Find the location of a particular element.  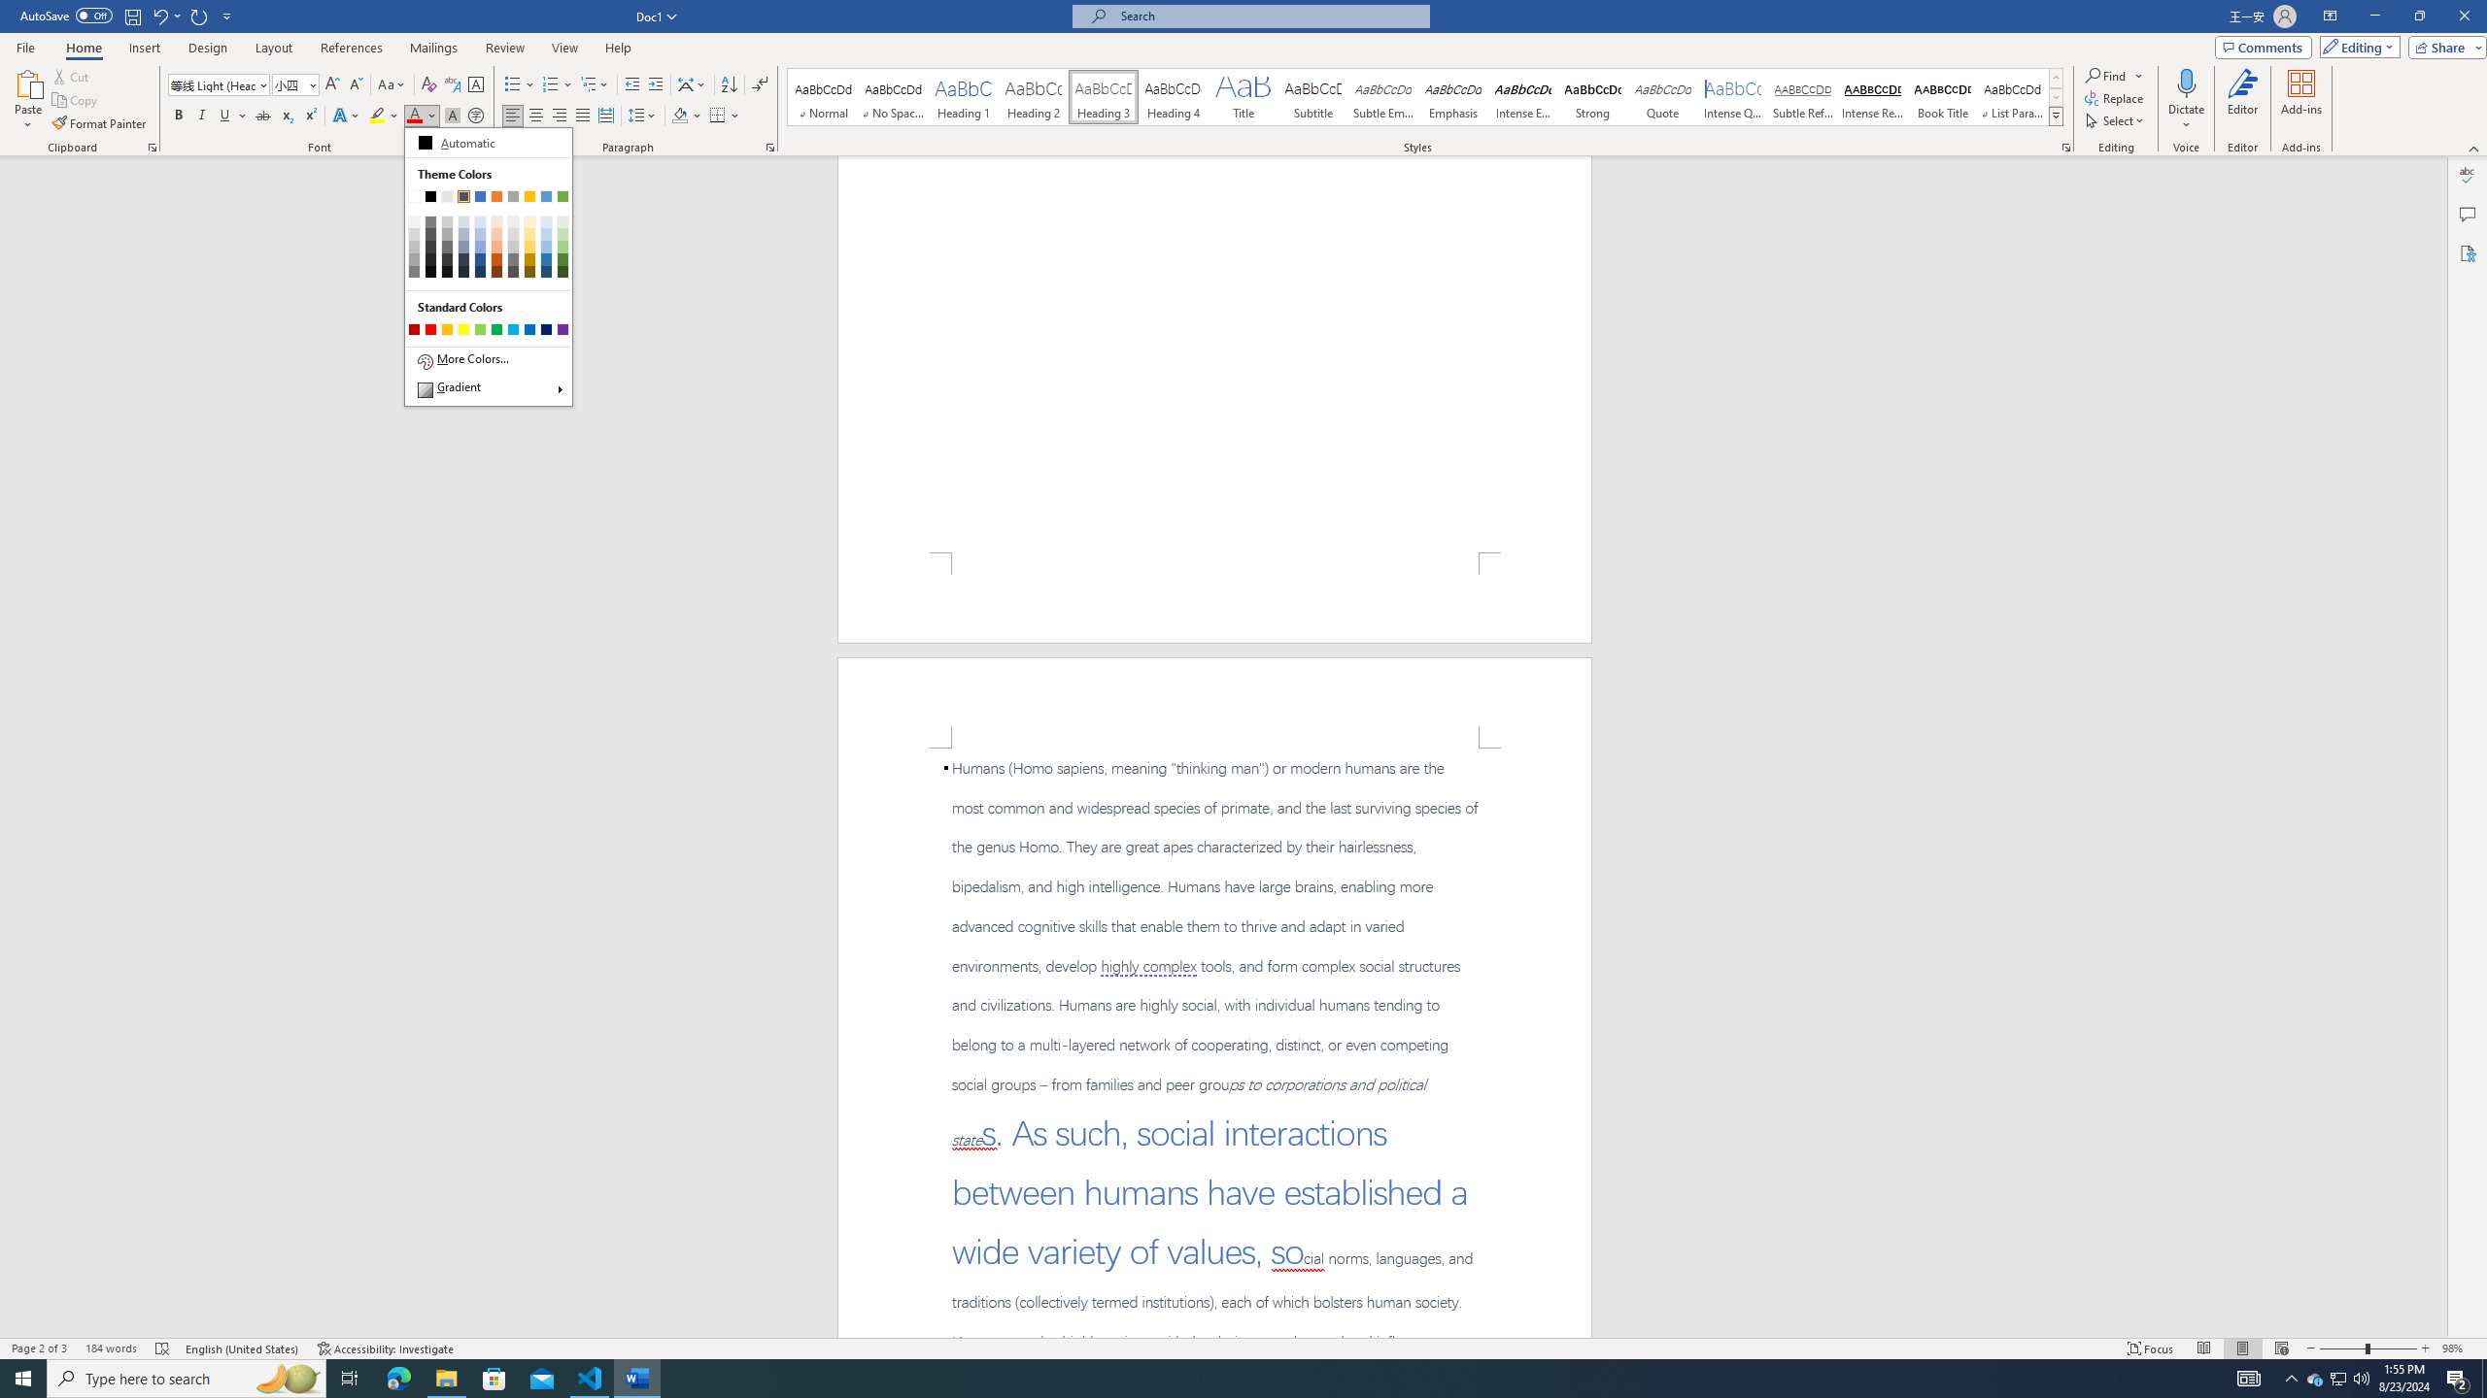

'Book Title' is located at coordinates (1941, 96).